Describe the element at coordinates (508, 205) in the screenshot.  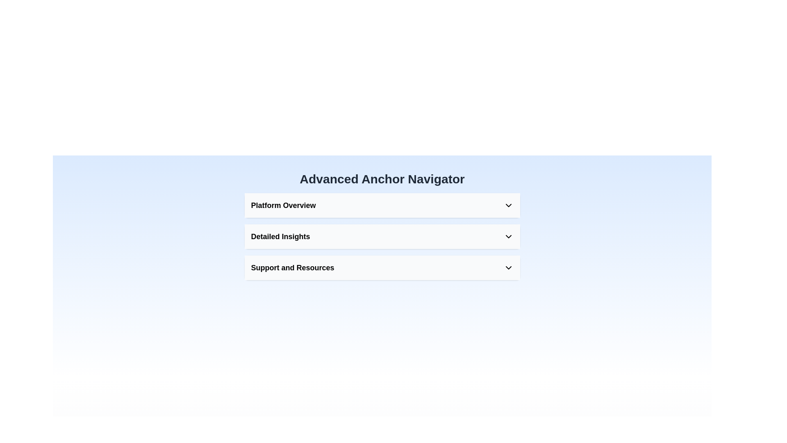
I see `the downward chevron icon located in the rightmost position of the 'Platform Overview' row` at that location.